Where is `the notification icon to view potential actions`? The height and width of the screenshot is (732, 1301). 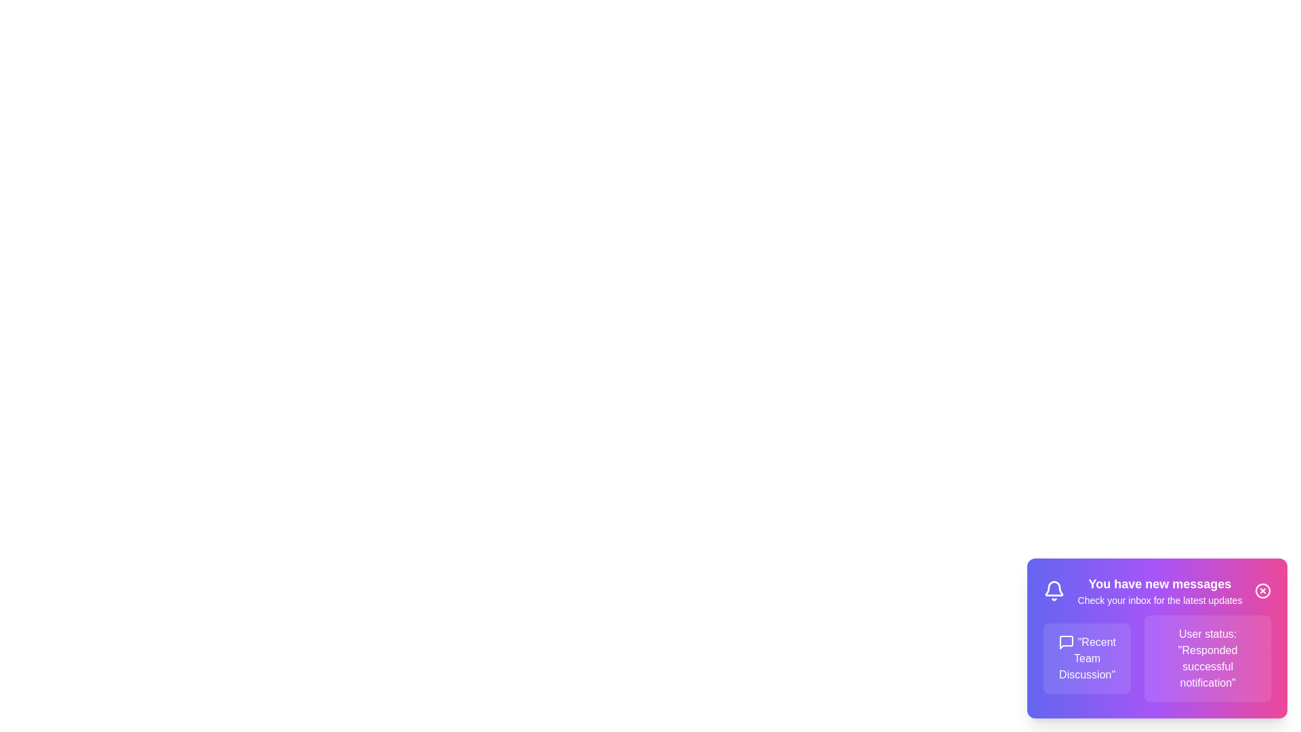 the notification icon to view potential actions is located at coordinates (1053, 590).